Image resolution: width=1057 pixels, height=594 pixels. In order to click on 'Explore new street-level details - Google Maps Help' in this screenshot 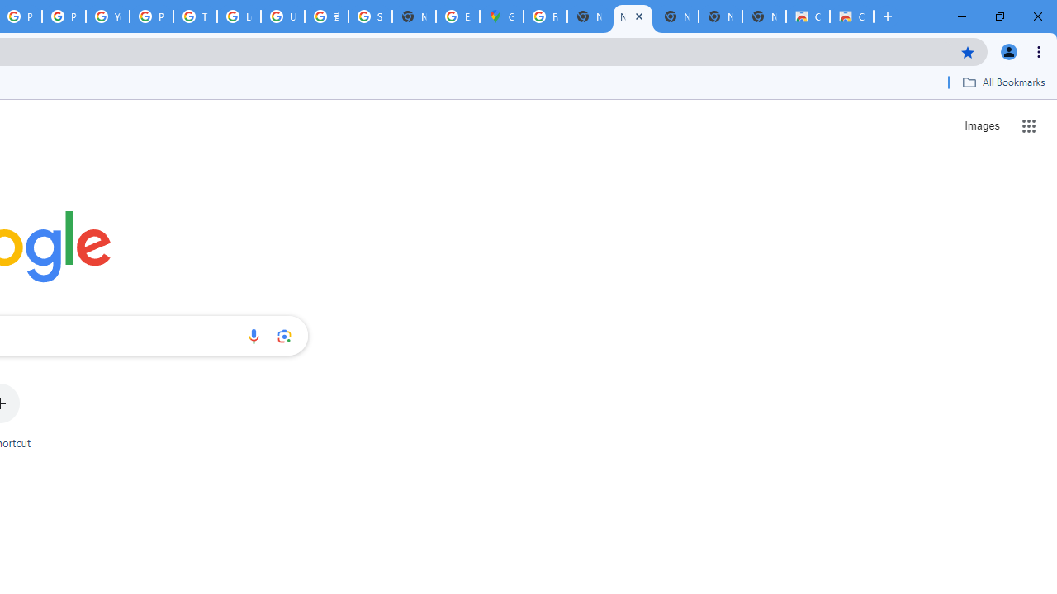, I will do `click(457, 16)`.